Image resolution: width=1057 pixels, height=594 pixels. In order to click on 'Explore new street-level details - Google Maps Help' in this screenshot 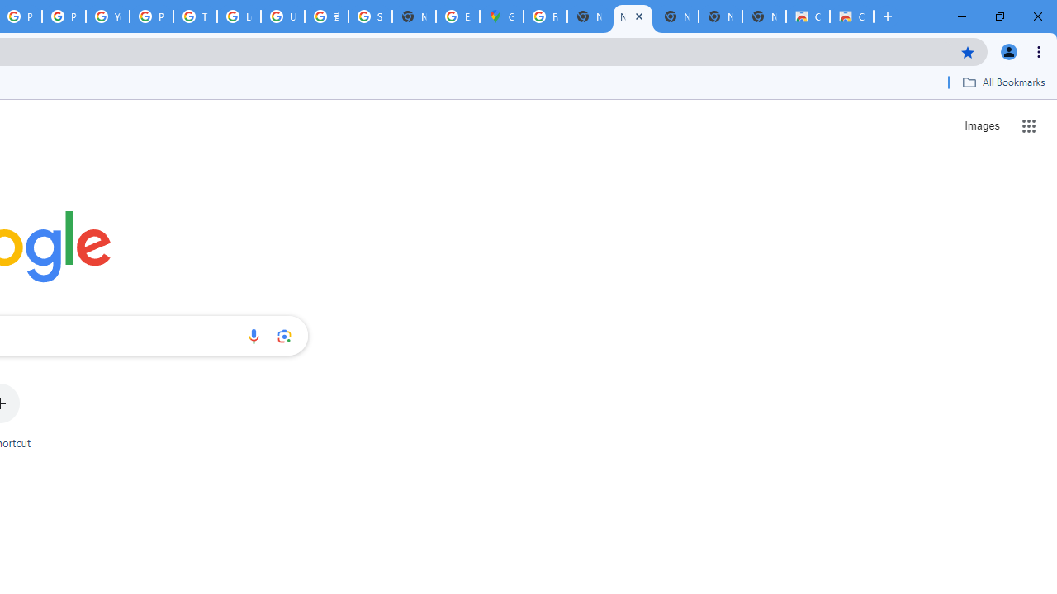, I will do `click(457, 16)`.